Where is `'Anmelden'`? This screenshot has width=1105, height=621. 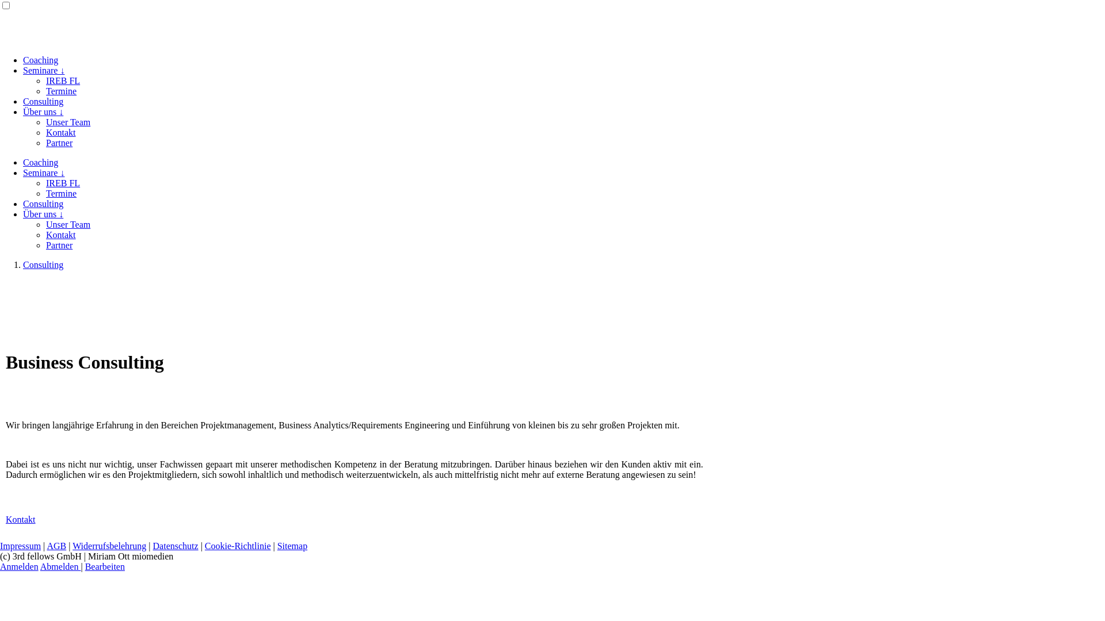 'Anmelden' is located at coordinates (19, 566).